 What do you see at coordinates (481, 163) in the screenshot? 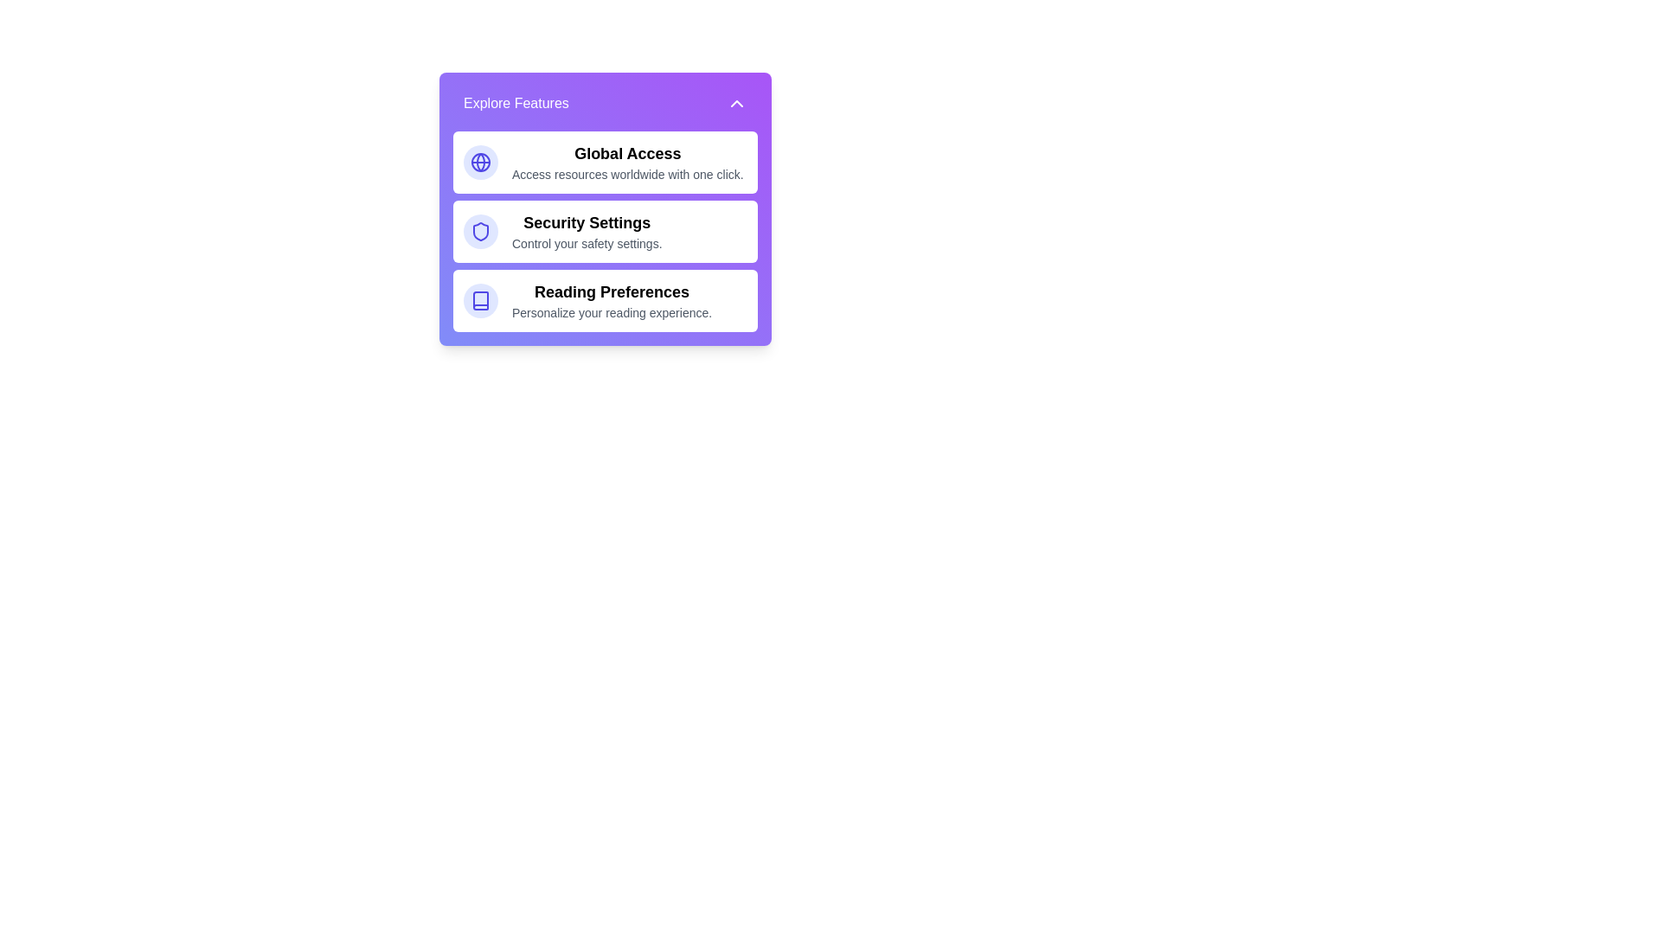
I see `the globe icon, which is a scalable vector graphic with latitude and longitude lines, located within the 'Global Access' feature section to the left of the text label` at bounding box center [481, 163].